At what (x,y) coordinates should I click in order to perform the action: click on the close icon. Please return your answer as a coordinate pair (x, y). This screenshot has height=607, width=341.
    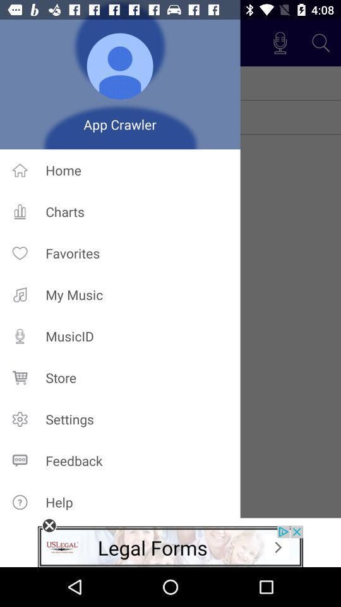
    Looking at the image, I should click on (49, 525).